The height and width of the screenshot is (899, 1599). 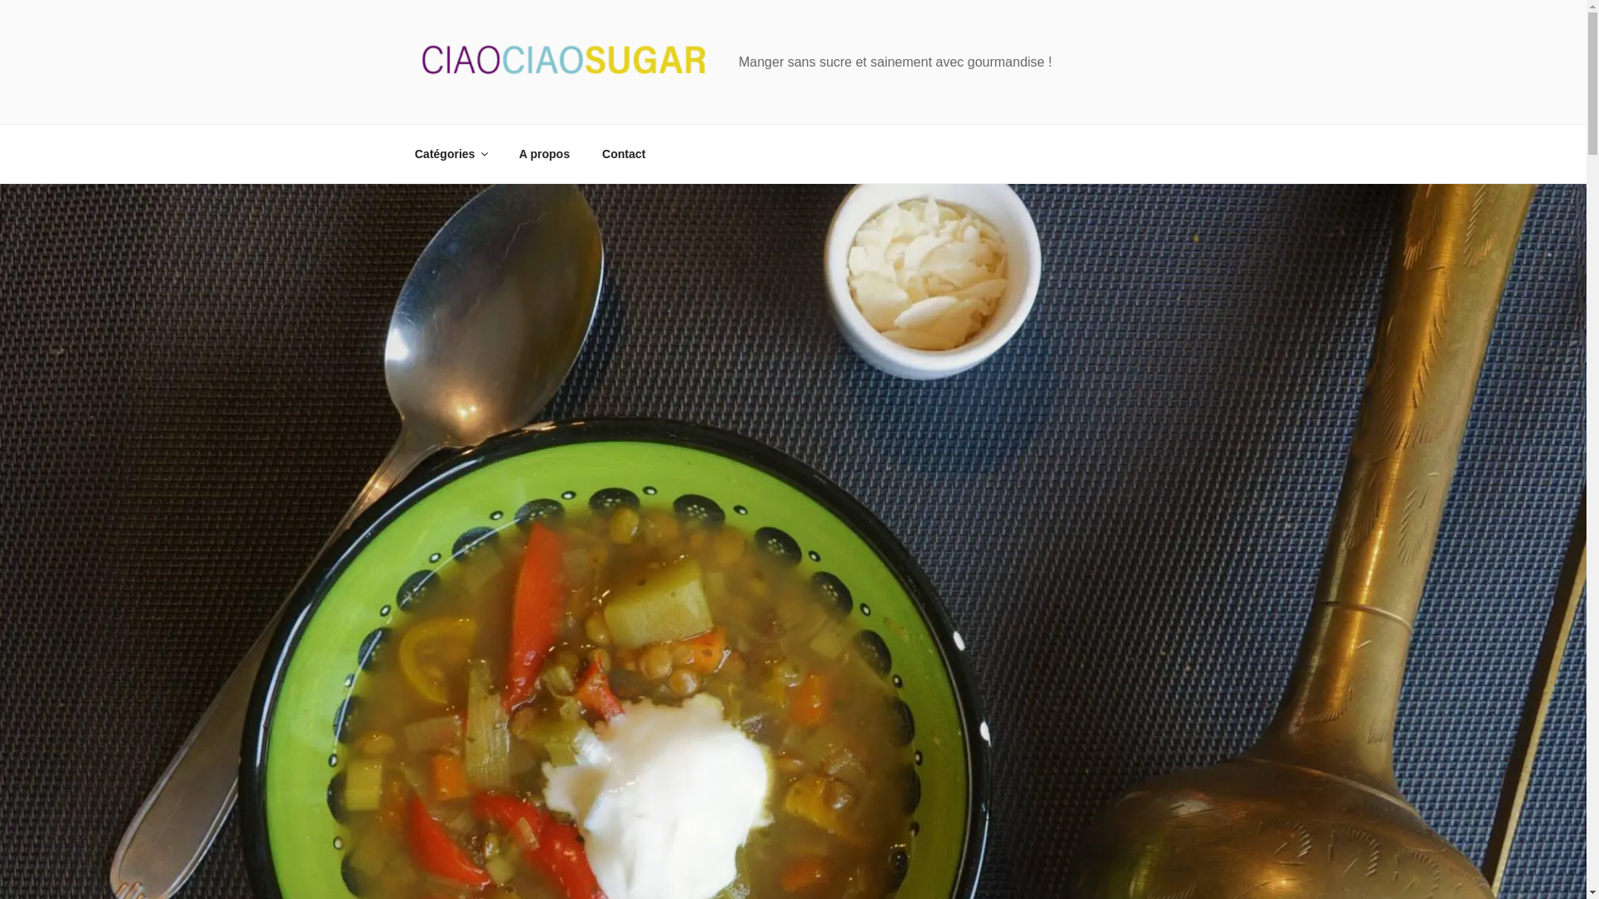 I want to click on 'Contact', so click(x=623, y=153).